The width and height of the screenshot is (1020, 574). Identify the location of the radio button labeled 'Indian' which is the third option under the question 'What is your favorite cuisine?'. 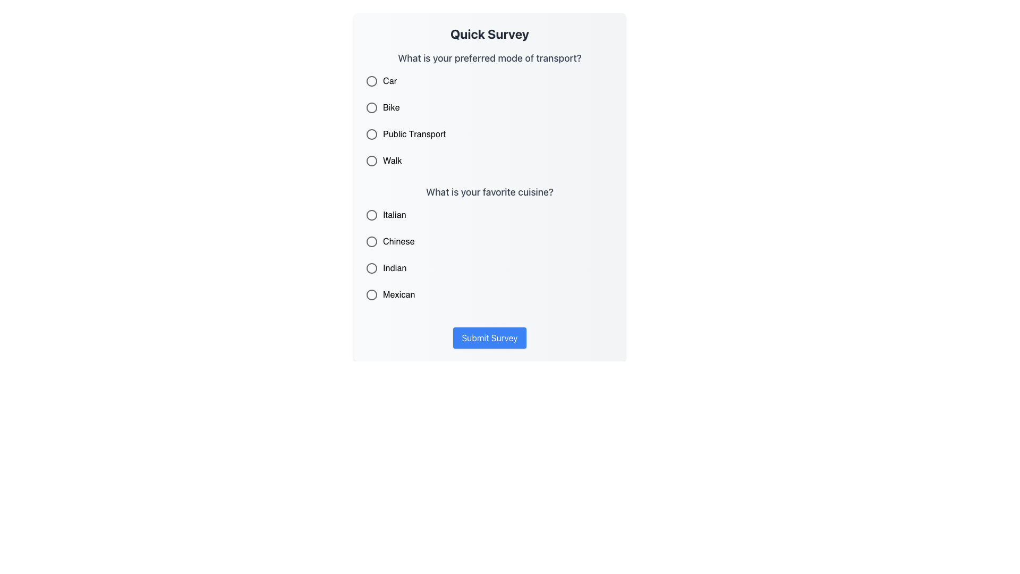
(482, 268).